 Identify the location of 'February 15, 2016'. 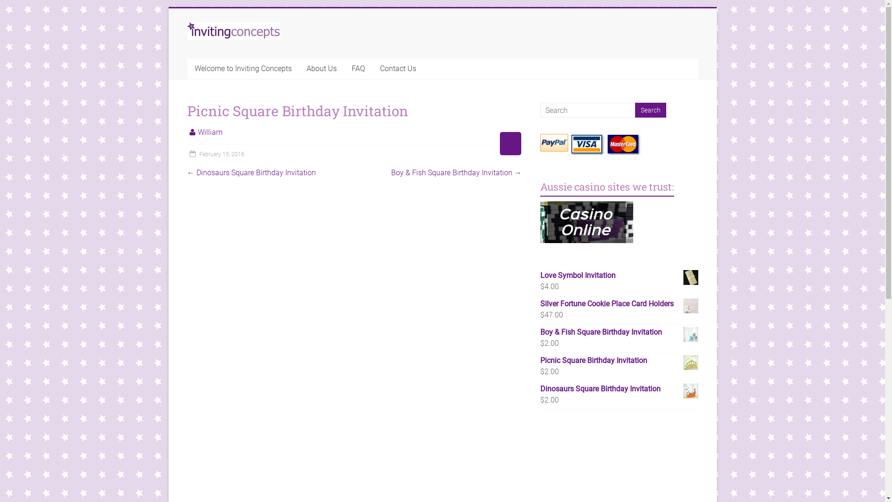
(215, 153).